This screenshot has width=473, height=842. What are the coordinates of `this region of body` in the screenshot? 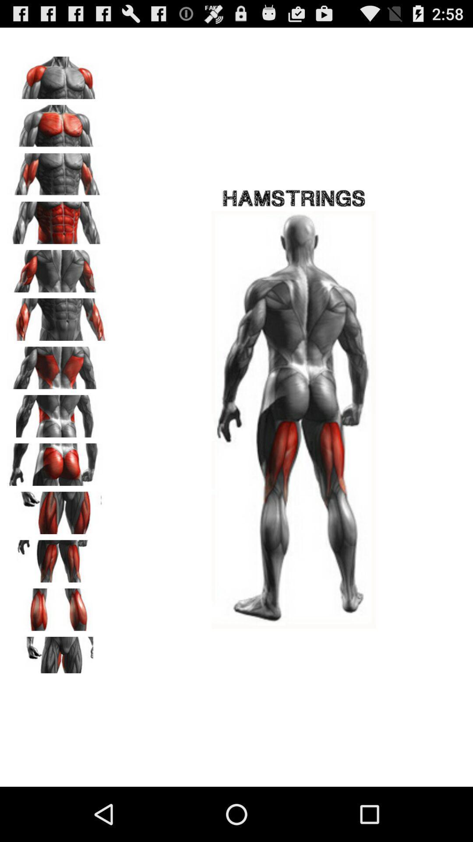 It's located at (57, 655).